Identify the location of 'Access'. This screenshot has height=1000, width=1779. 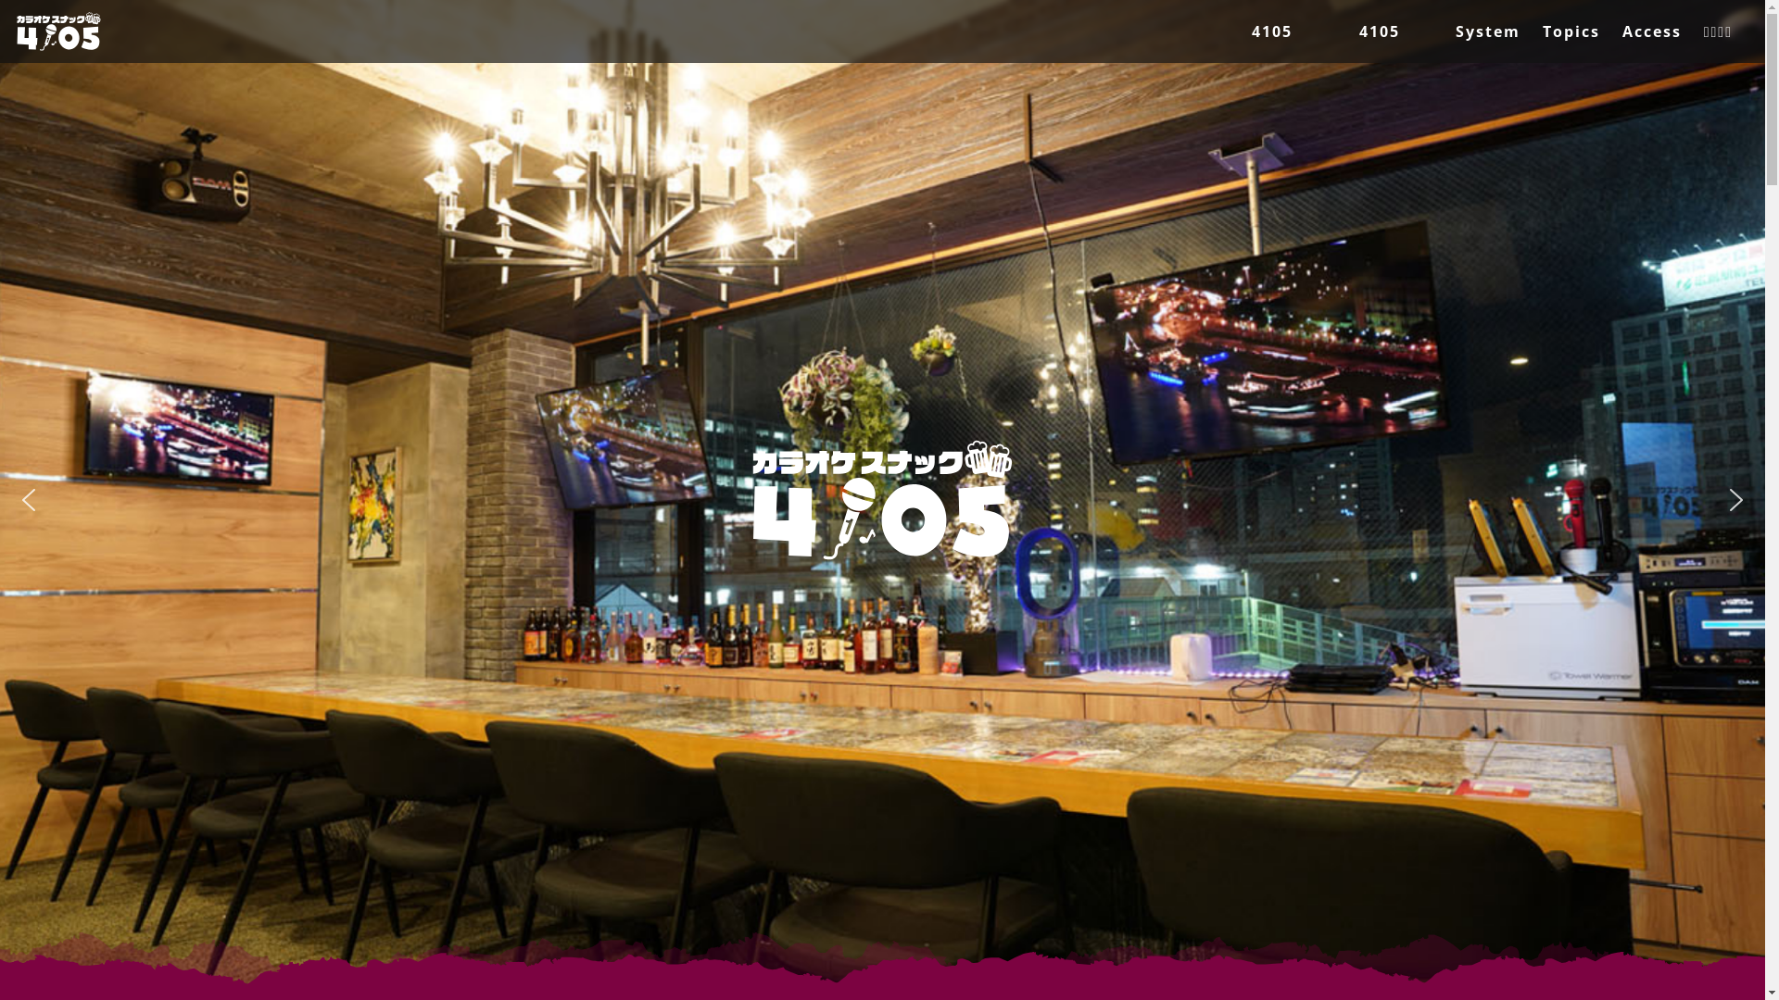
(1651, 31).